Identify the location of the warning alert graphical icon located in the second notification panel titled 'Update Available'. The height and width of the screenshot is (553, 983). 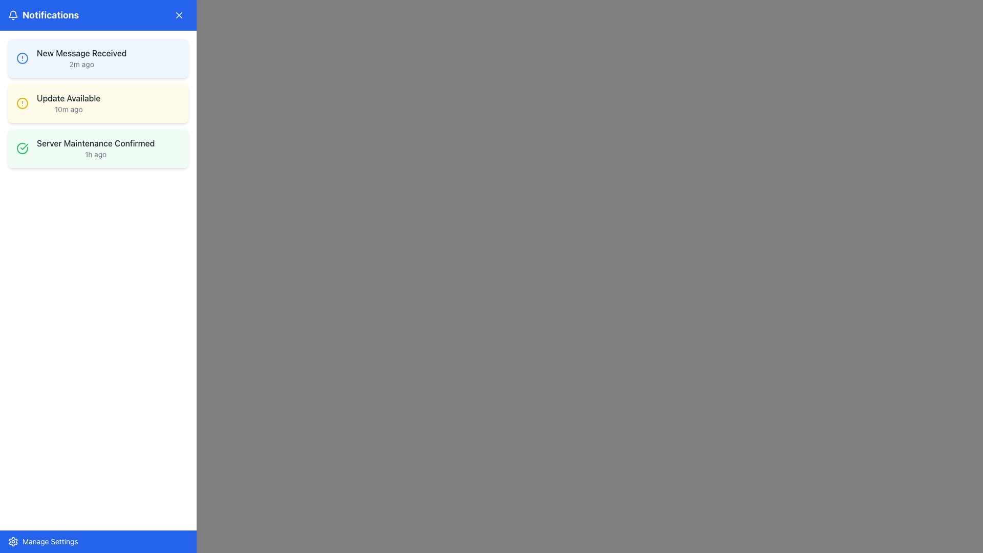
(22, 103).